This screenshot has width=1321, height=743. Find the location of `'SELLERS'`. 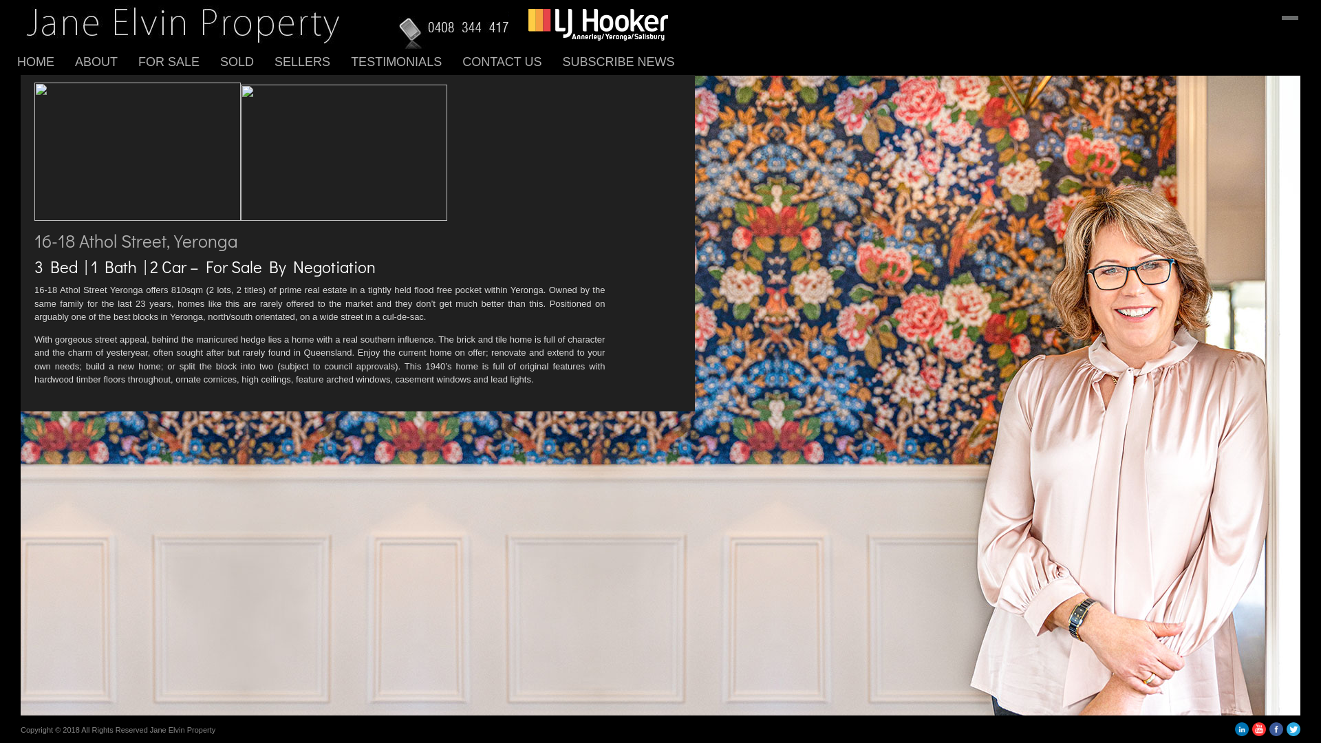

'SELLERS' is located at coordinates (312, 61).